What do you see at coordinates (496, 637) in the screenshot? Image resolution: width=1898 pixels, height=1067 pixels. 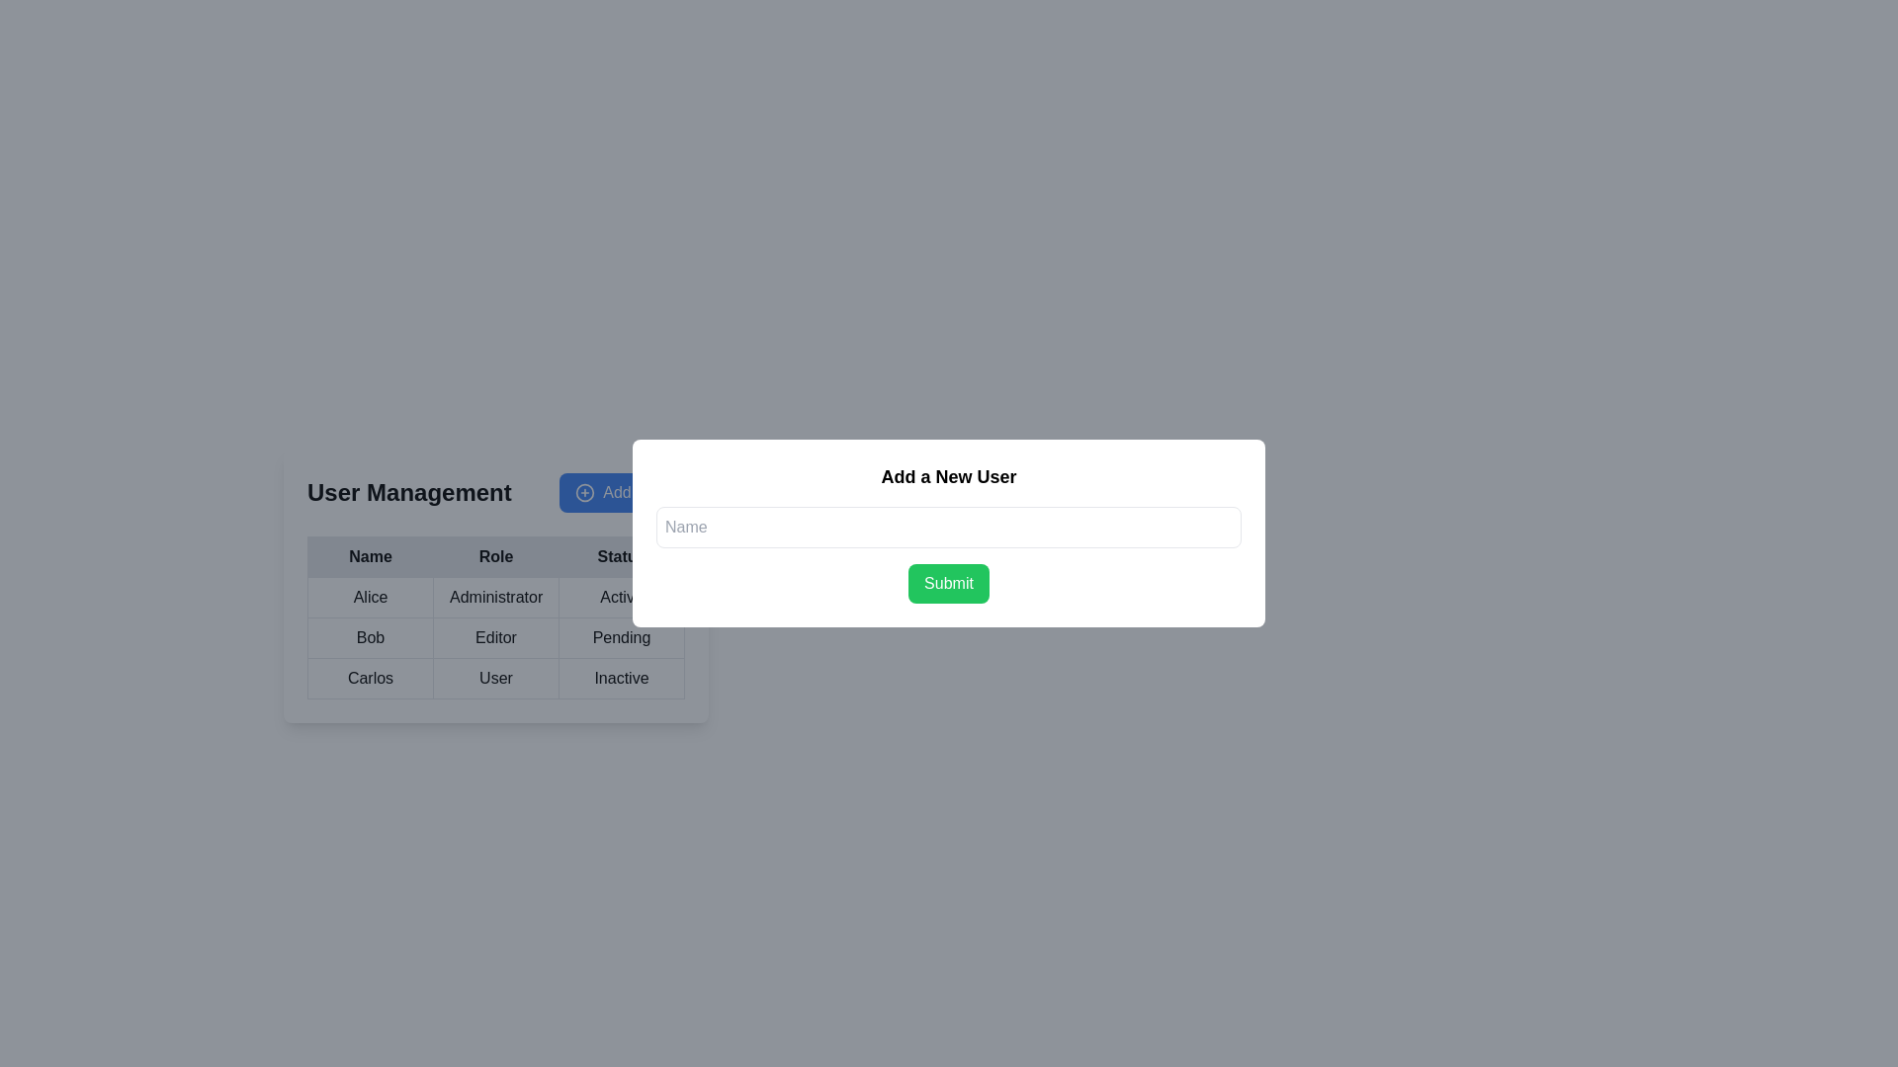 I see `the second row in the 'User Management' table that displays 'Bob', 'Editor', and 'Pending'` at bounding box center [496, 637].